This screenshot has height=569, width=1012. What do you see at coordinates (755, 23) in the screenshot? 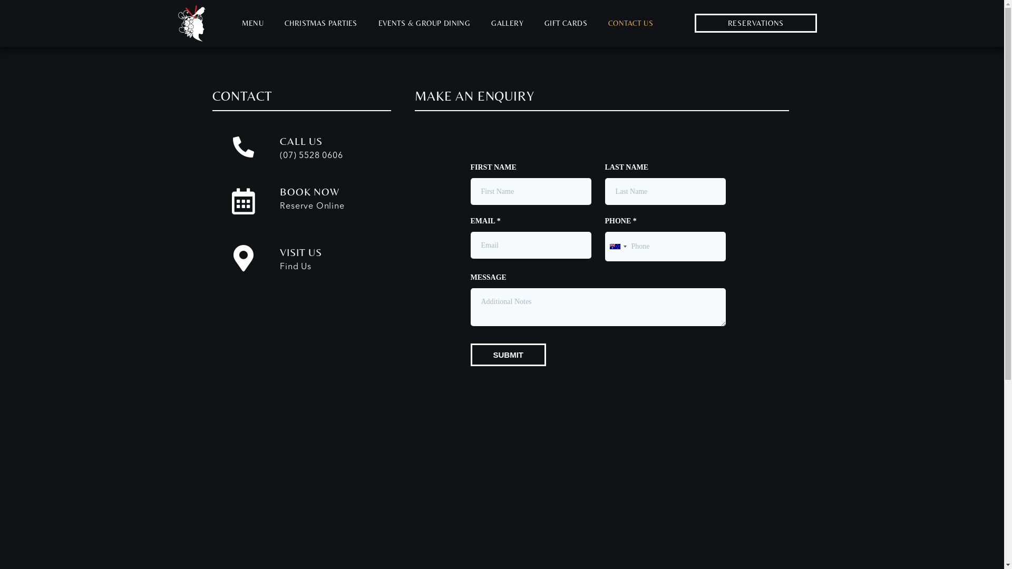
I see `'RESERVATIONS'` at bounding box center [755, 23].